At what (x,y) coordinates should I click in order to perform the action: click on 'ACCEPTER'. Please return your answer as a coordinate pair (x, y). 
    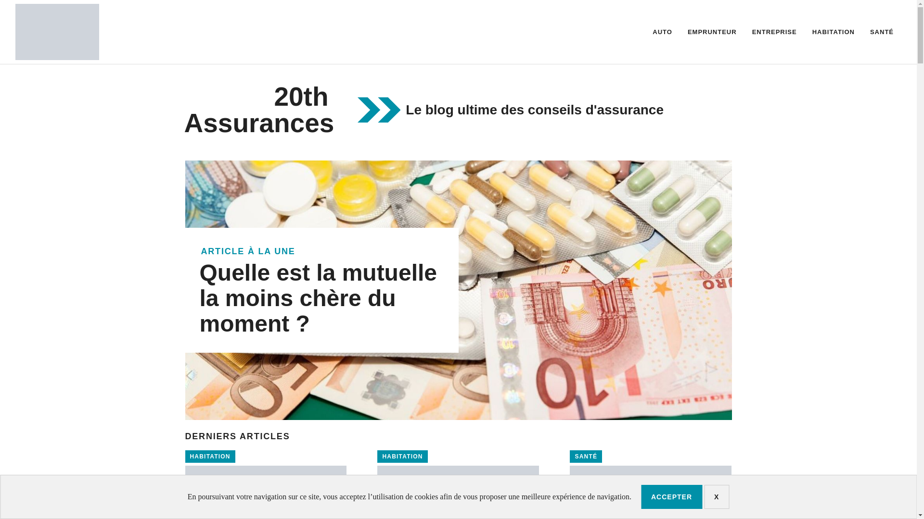
    Looking at the image, I should click on (641, 496).